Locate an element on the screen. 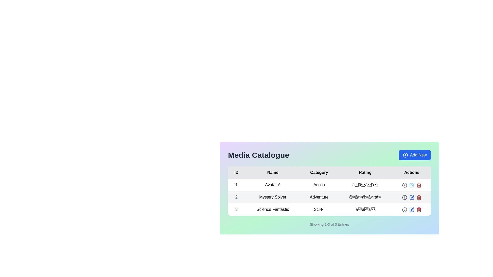 The width and height of the screenshot is (493, 277). the text label 'Action' styled in black font on a white background, located in the 'Category' column of the table under the first row corresponding to 'Avatar A' is located at coordinates (319, 185).